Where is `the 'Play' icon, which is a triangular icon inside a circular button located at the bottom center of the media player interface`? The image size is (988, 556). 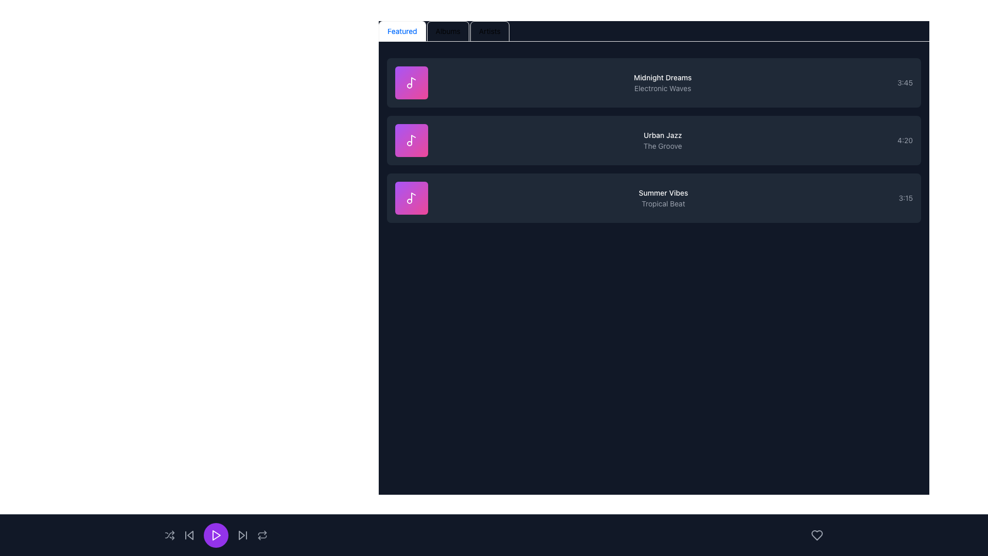 the 'Play' icon, which is a triangular icon inside a circular button located at the bottom center of the media player interface is located at coordinates (216, 535).